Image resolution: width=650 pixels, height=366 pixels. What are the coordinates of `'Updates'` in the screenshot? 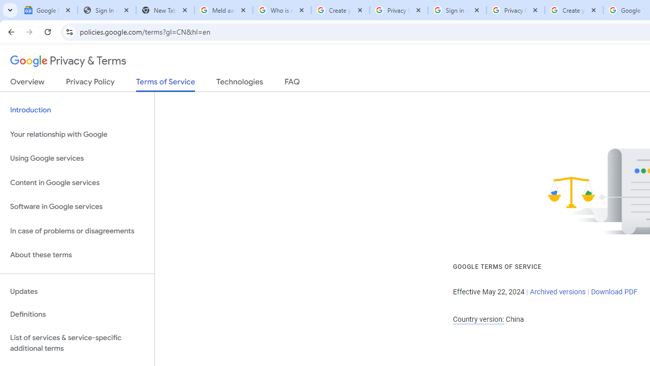 It's located at (77, 291).